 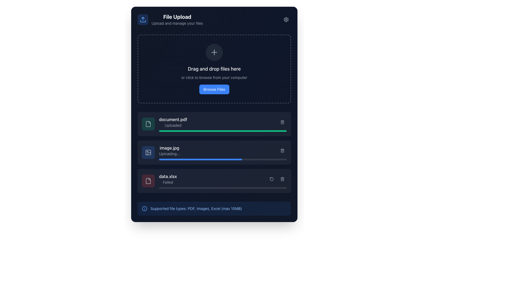 What do you see at coordinates (271, 179) in the screenshot?
I see `the circular retry button with a counter-clockwise arrow located to the left of the trash bin icon in the action row to retry the action` at bounding box center [271, 179].